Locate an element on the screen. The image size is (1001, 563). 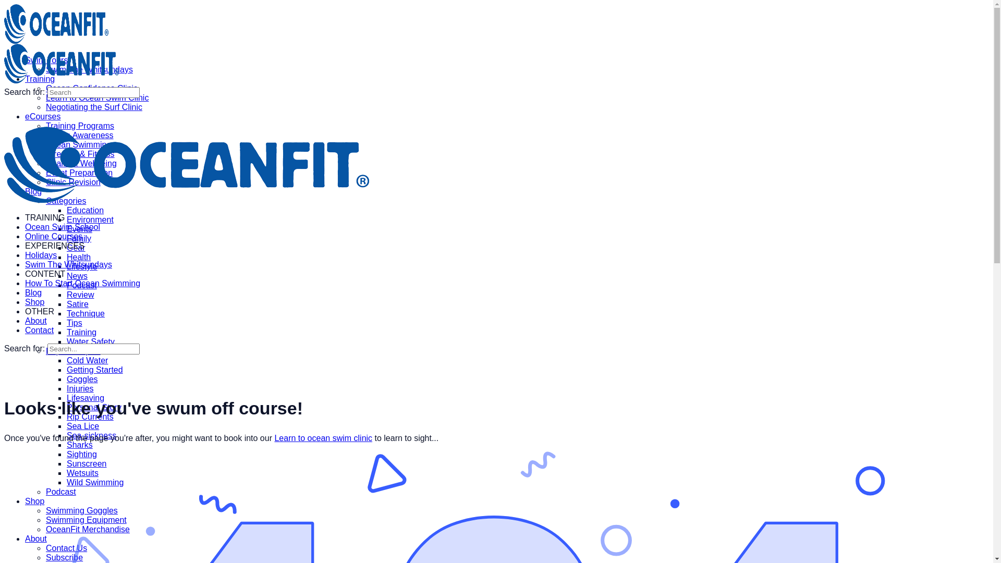
'Online Courses' is located at coordinates (25, 236).